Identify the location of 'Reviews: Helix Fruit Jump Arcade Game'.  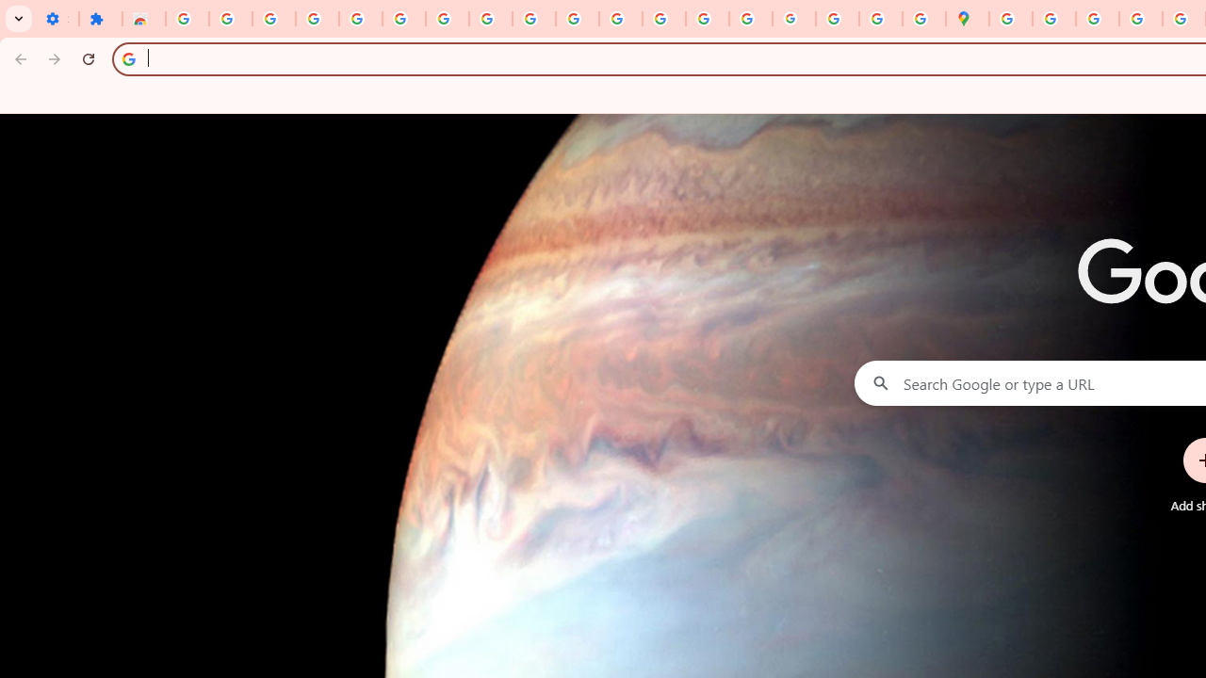
(143, 19).